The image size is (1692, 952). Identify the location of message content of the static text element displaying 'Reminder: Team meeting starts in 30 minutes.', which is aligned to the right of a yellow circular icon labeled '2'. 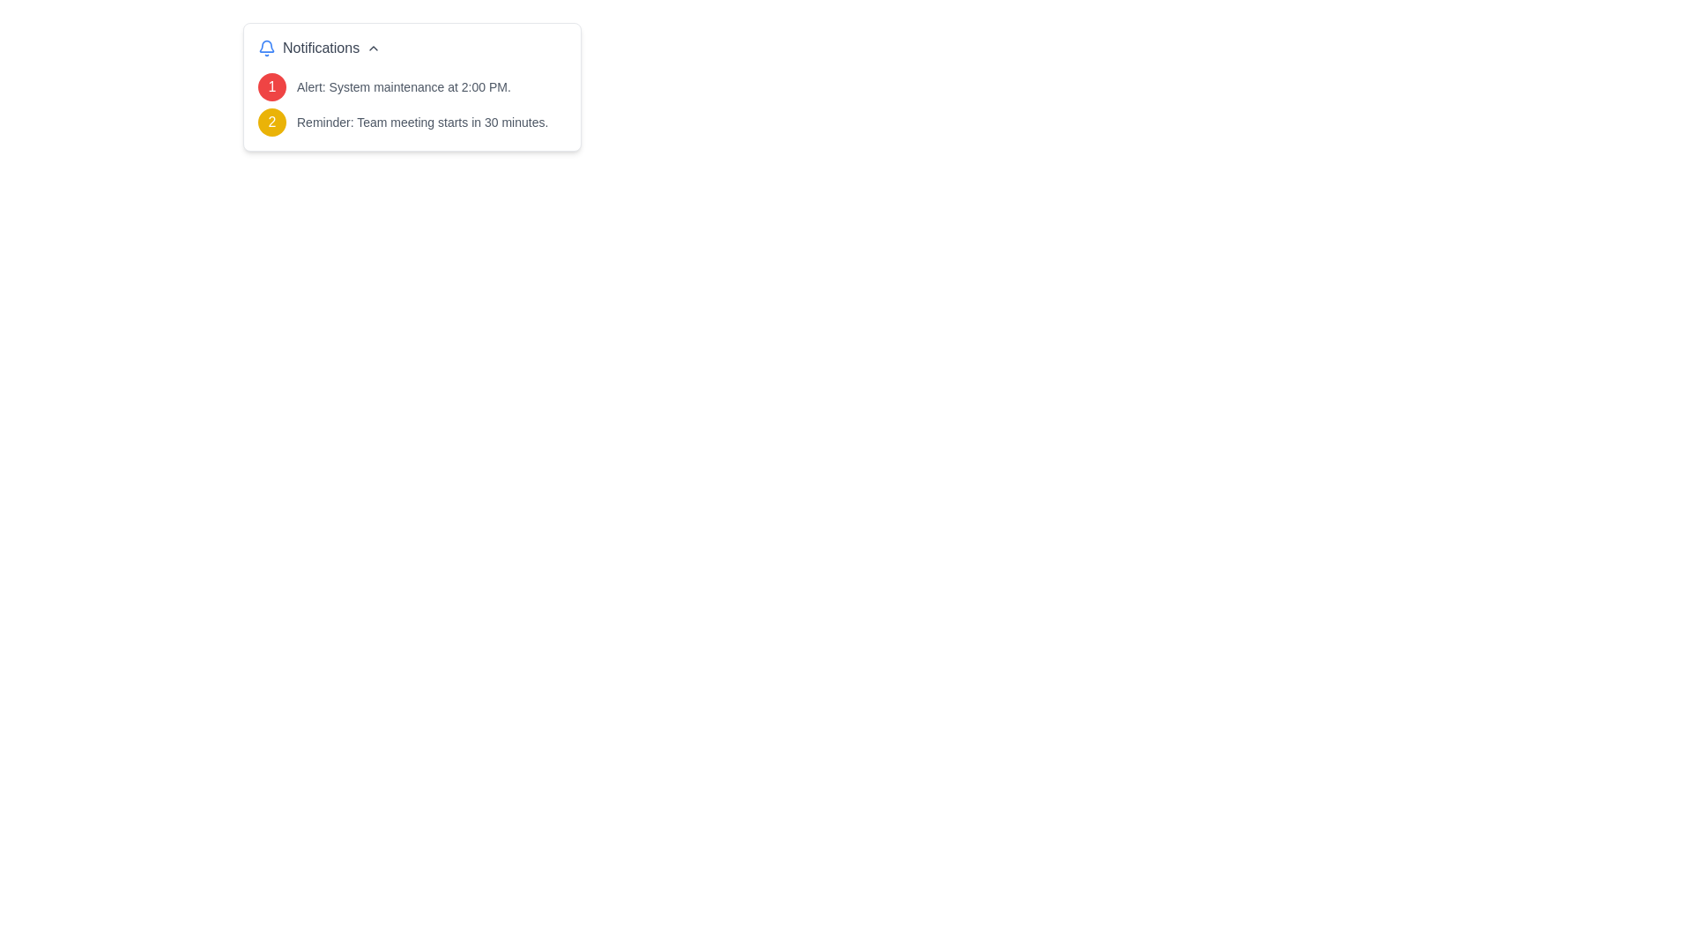
(421, 121).